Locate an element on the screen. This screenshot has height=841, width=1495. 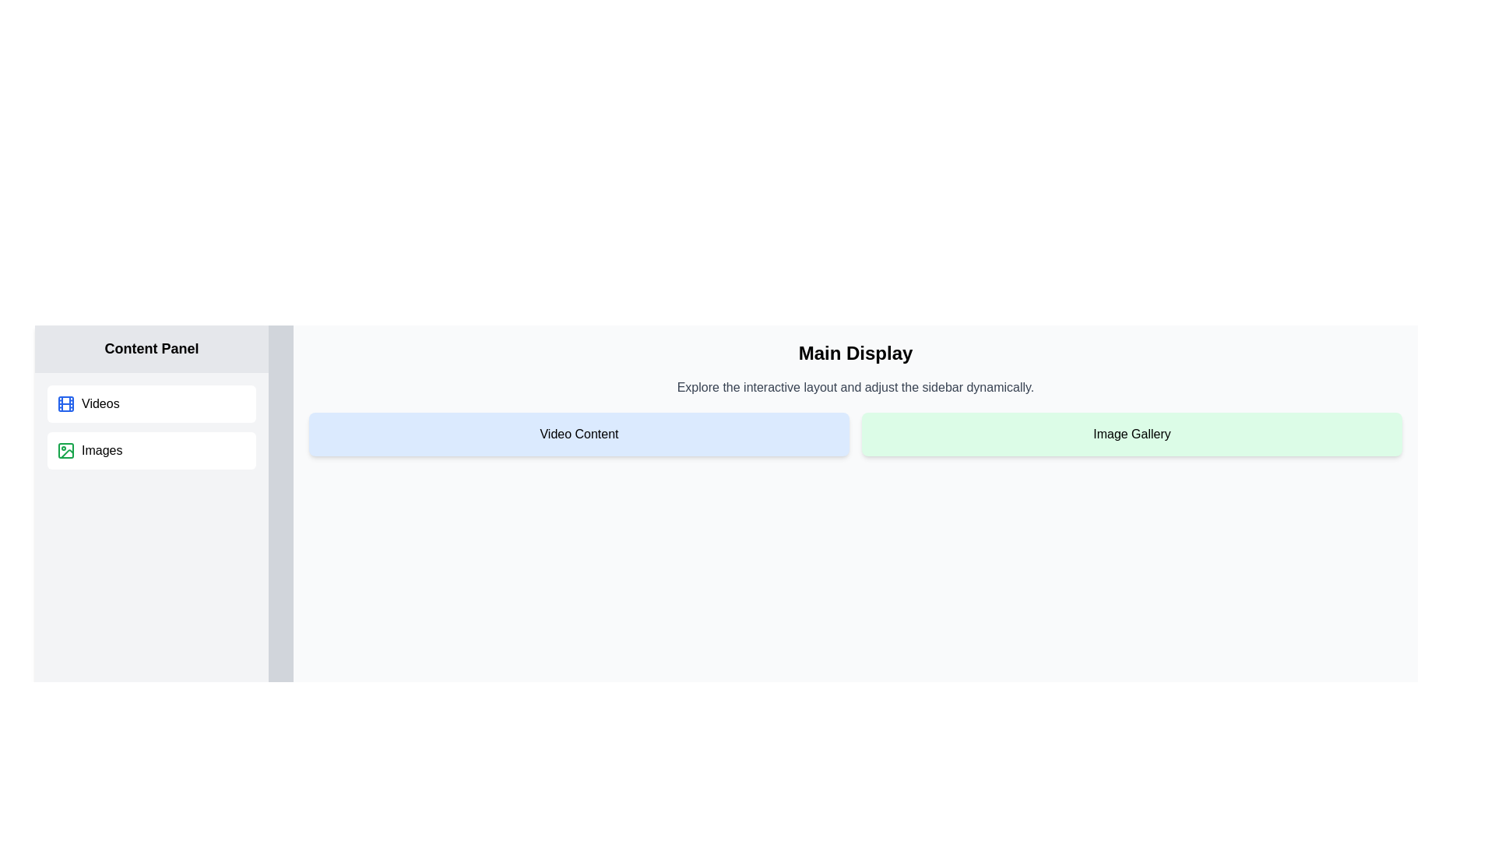
the button labeled 'Images' which is located inside the 'Content Panel' section, below the 'Videos' button is located at coordinates (152, 450).